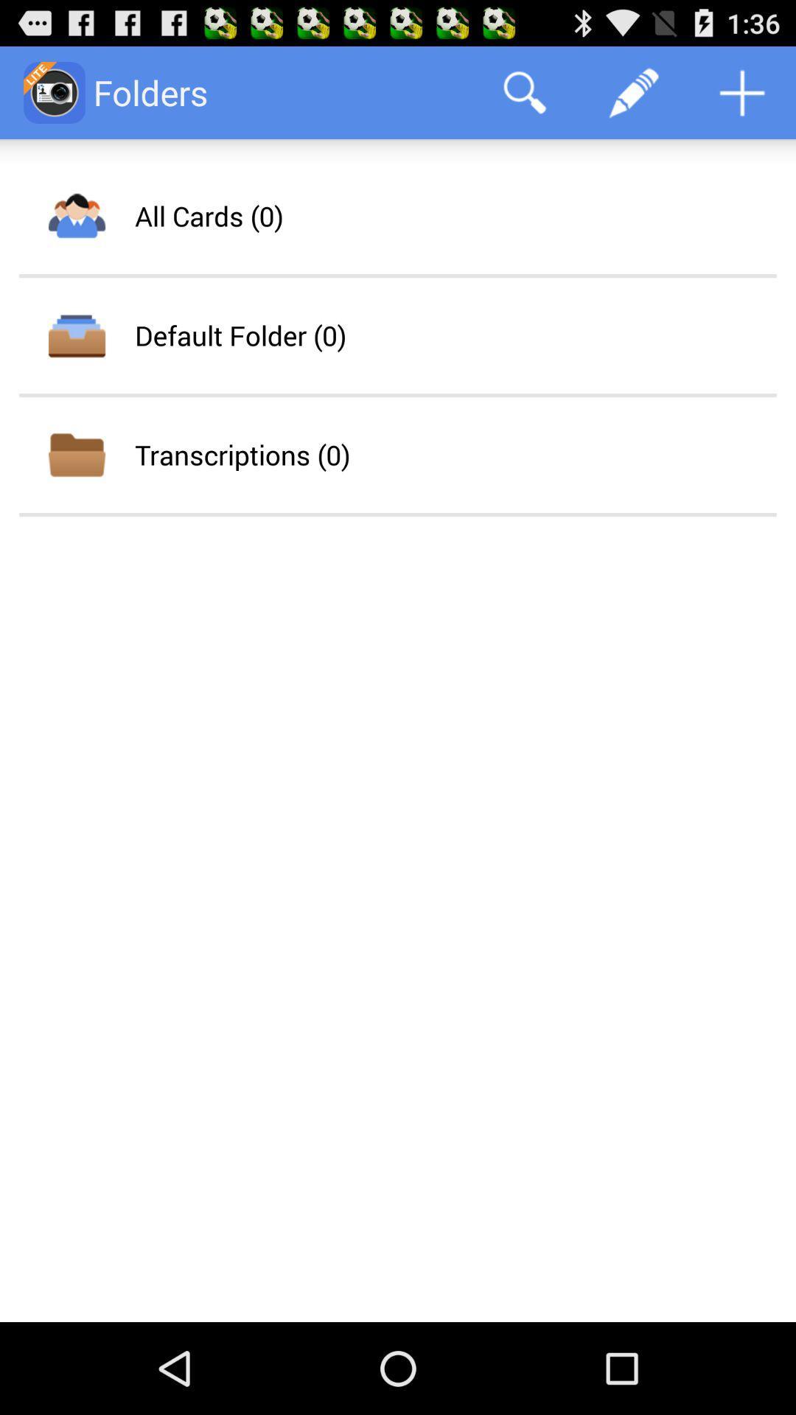 Image resolution: width=796 pixels, height=1415 pixels. I want to click on transcriptions (0) item, so click(242, 454).